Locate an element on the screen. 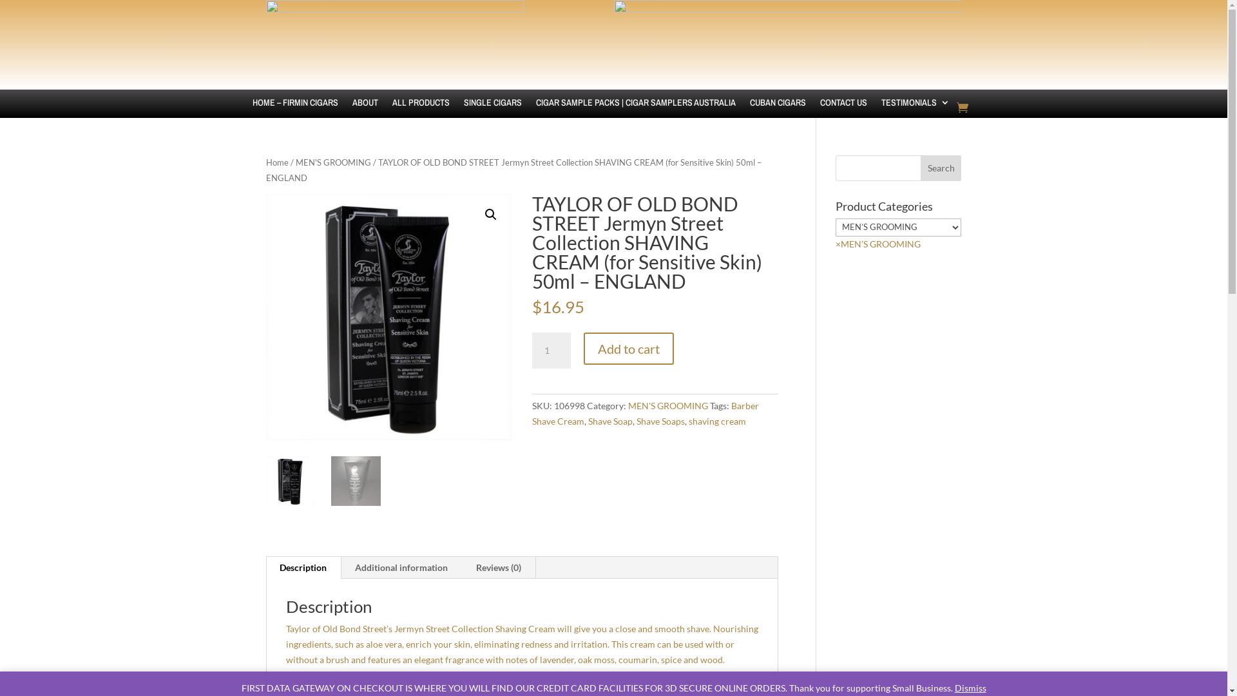 The width and height of the screenshot is (1237, 696). 'TESTIMONIALS' is located at coordinates (914, 111).